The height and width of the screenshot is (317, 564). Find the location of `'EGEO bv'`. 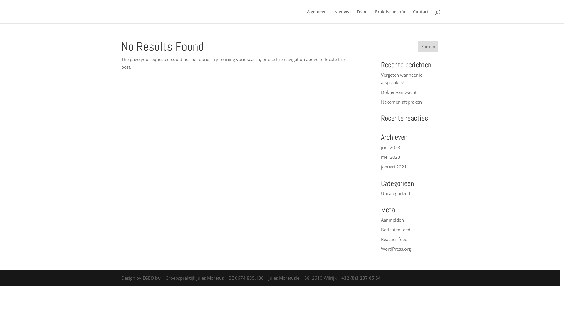

'EGEO bv' is located at coordinates (142, 277).